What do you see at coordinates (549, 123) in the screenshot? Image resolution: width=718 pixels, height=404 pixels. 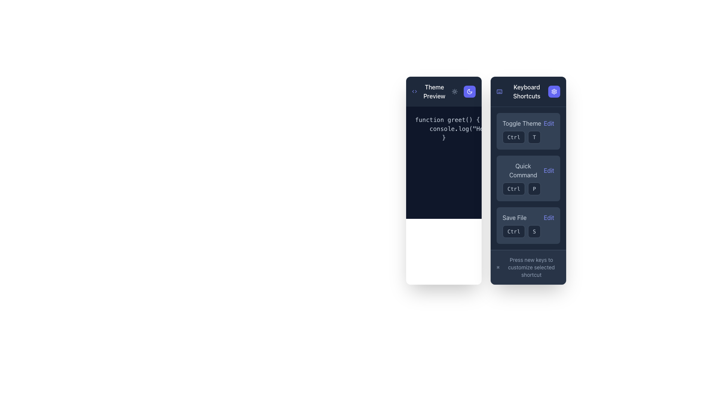 I see `the interactive link that provides a shortcut to edit the 'Toggle Theme' action in the 'Keyboard Shortcuts' panel to observe the hover effect` at bounding box center [549, 123].